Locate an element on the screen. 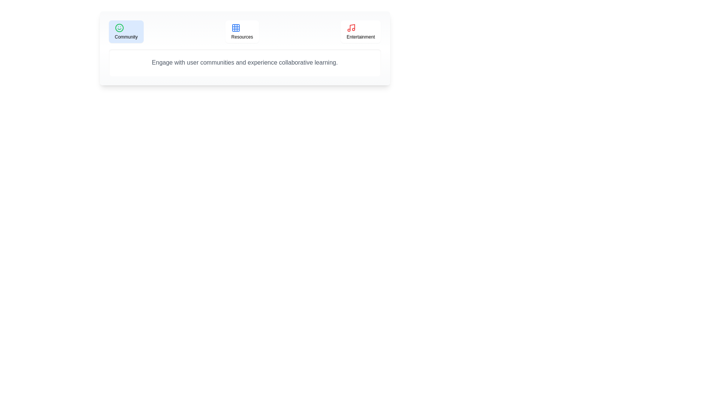  the Entertainment tab by clicking on it is located at coordinates (360, 31).